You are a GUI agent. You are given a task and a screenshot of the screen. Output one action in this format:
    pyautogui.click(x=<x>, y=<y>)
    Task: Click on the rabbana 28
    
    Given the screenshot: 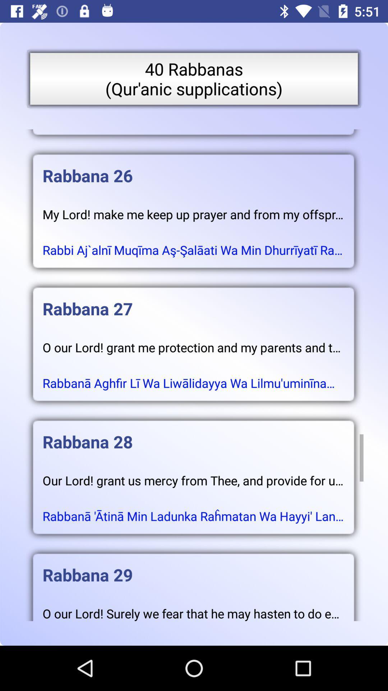 What is the action you would take?
    pyautogui.click(x=193, y=434)
    